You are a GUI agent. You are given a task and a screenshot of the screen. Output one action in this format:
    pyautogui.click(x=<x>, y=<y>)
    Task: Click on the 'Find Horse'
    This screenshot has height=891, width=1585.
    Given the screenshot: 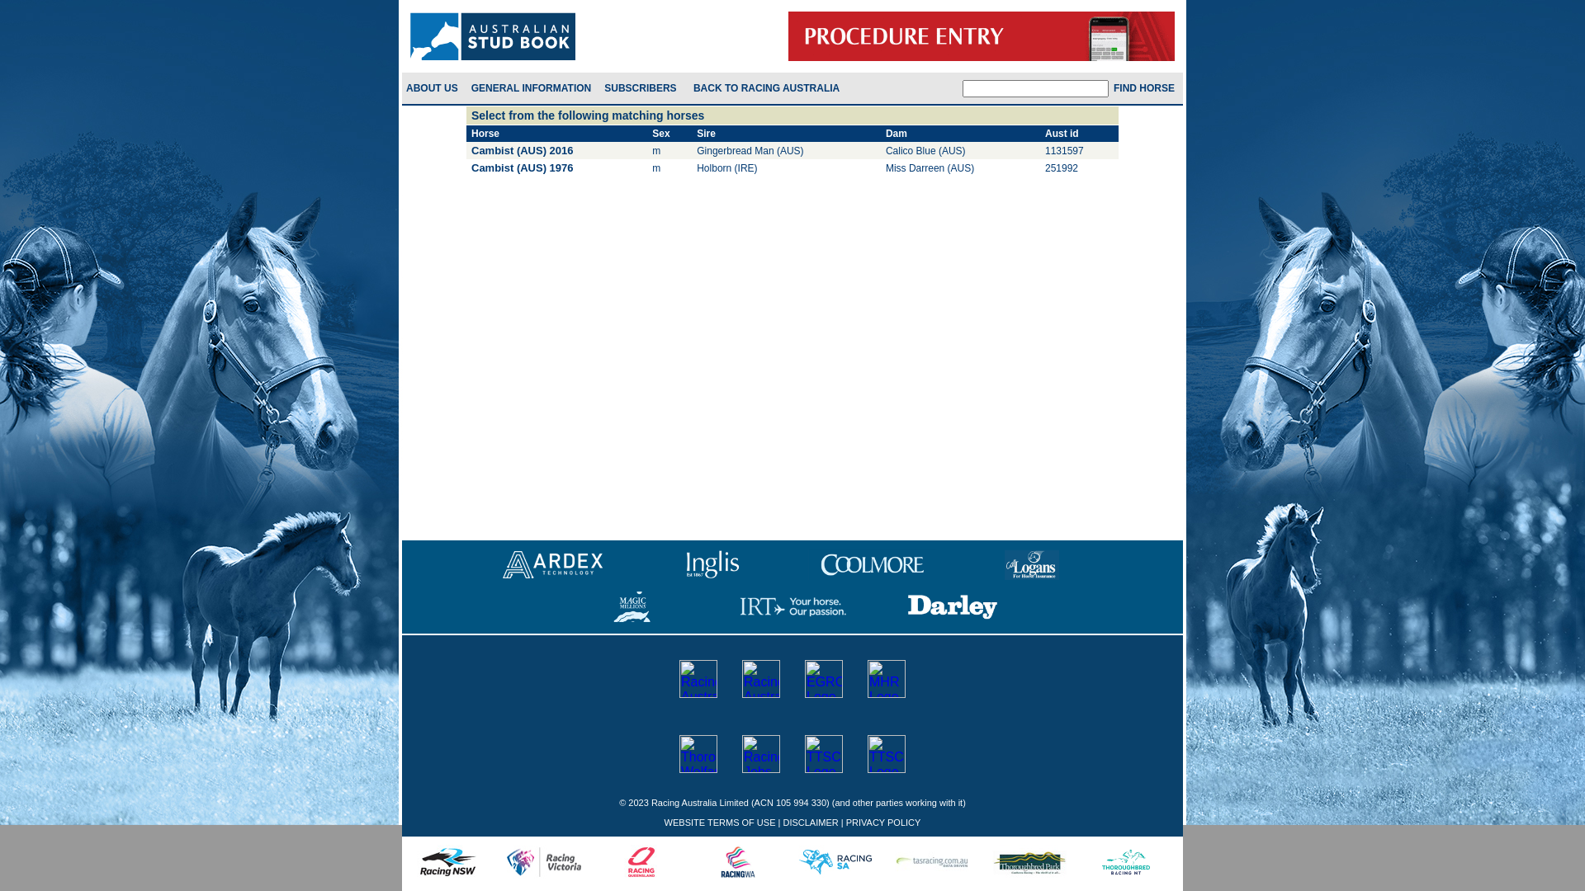 What is the action you would take?
    pyautogui.click(x=1144, y=88)
    